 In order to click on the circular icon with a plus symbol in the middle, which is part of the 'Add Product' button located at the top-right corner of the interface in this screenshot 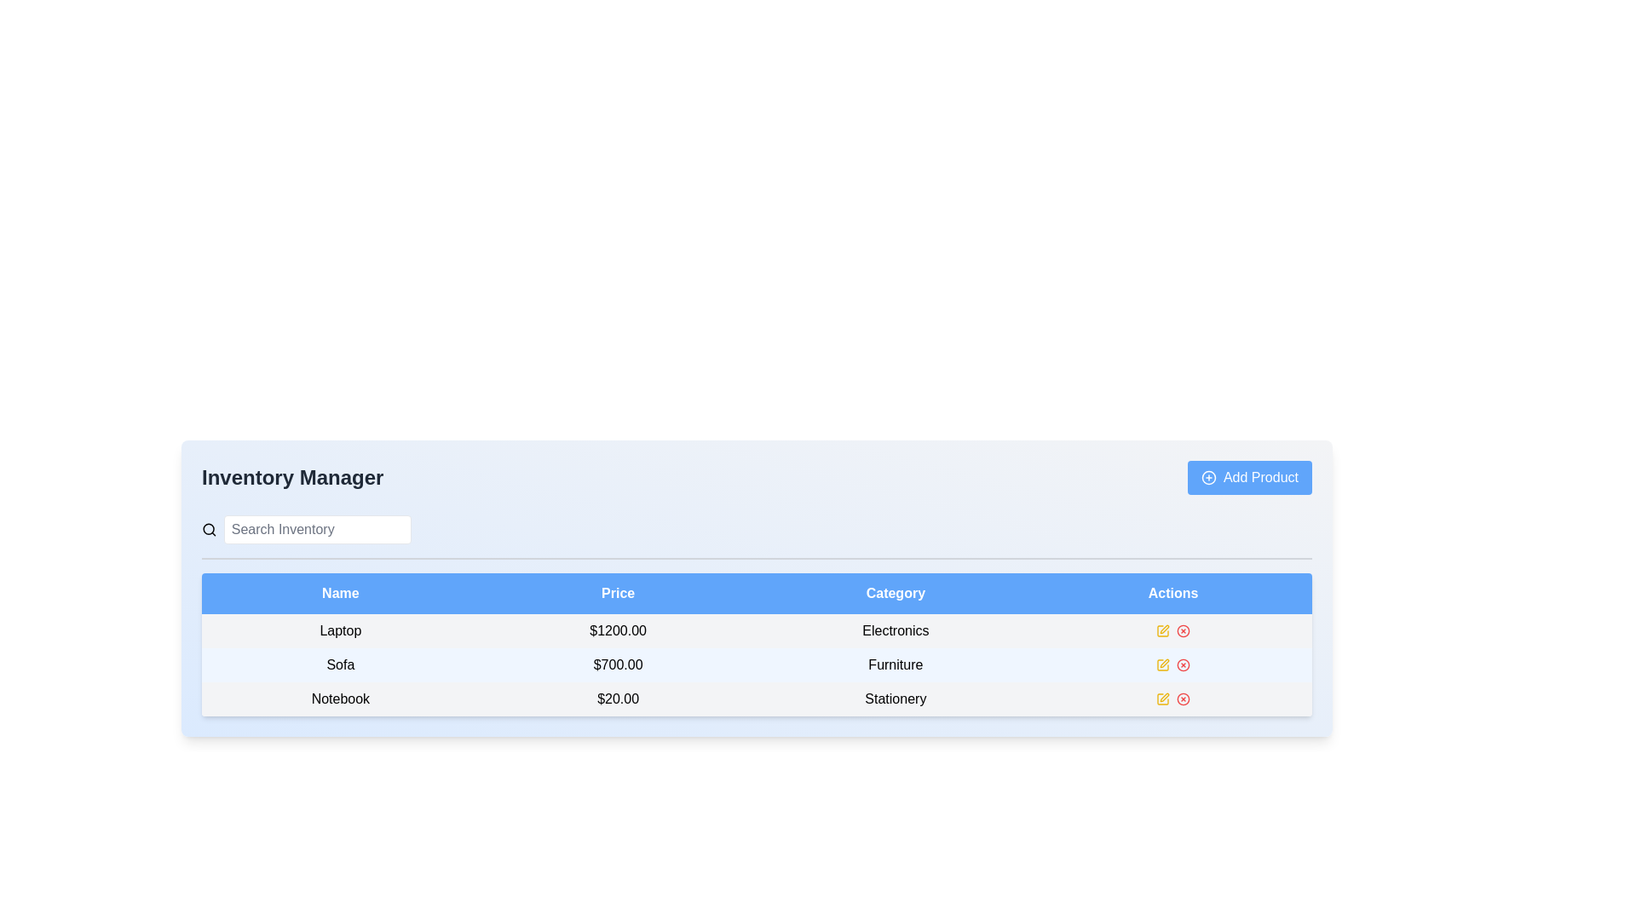, I will do `click(1207, 477)`.